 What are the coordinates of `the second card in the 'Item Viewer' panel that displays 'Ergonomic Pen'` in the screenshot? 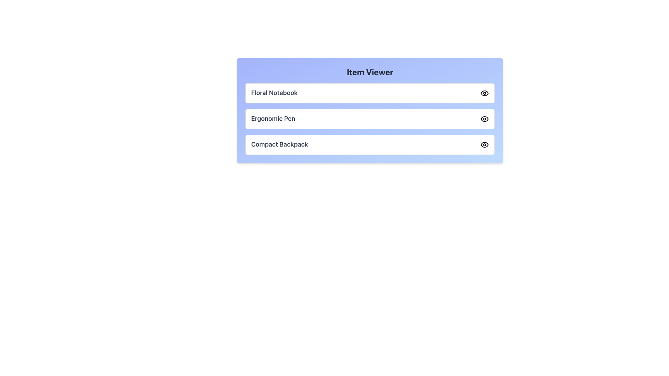 It's located at (369, 110).